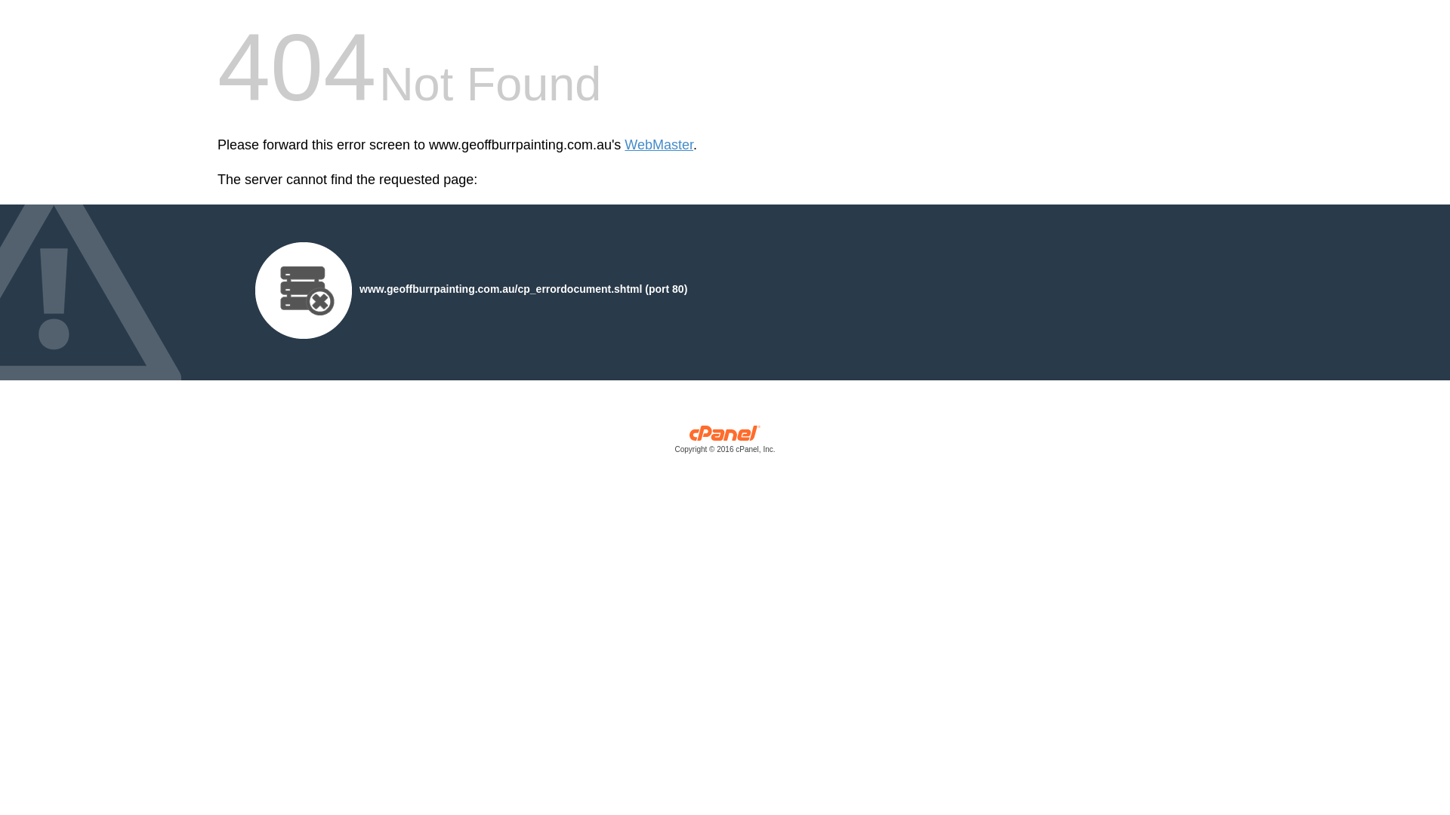 Image resolution: width=1450 pixels, height=815 pixels. Describe the element at coordinates (659, 145) in the screenshot. I see `'WebMaster'` at that location.